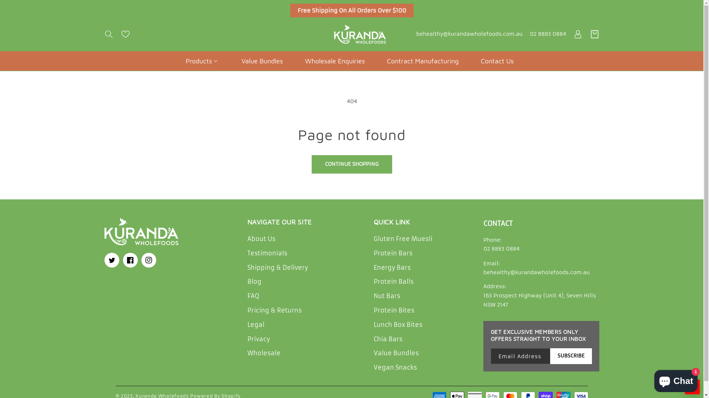  I want to click on 'SUBSCRIBE', so click(571, 356).